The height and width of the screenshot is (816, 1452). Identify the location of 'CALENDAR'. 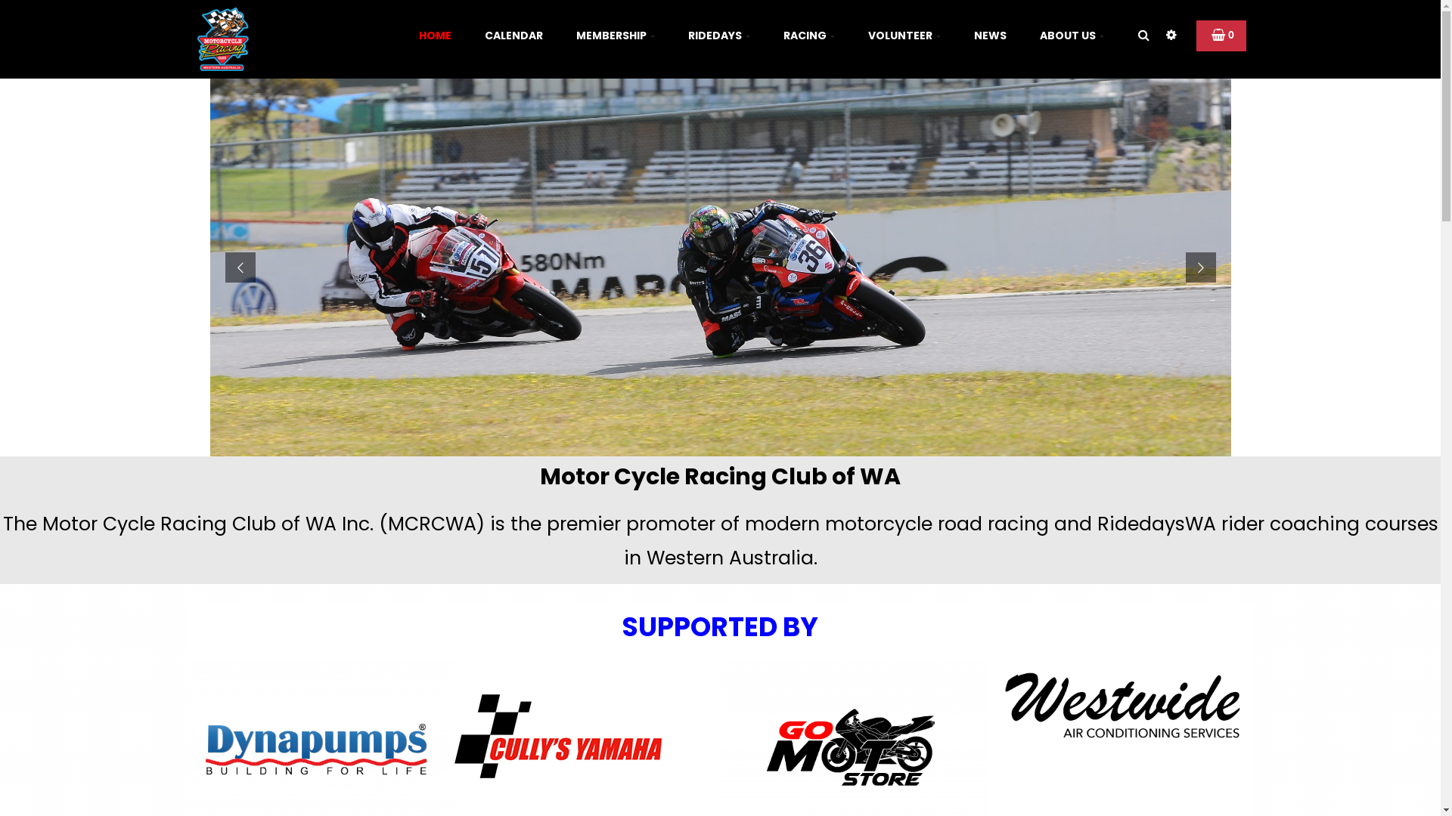
(513, 35).